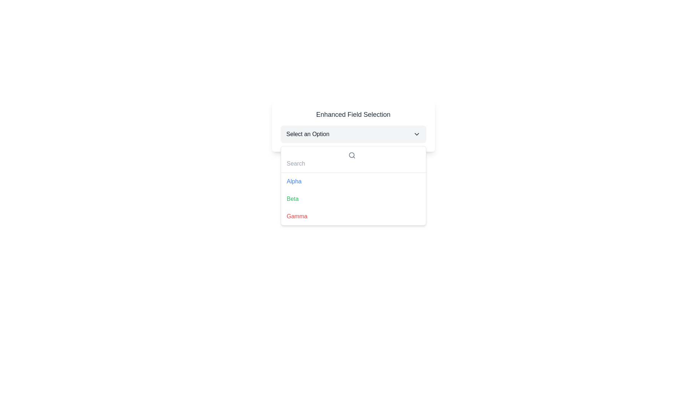 The height and width of the screenshot is (393, 699). I want to click on the text label displaying 'Gamma' in red font, which is the third item in a vertical list, so click(297, 216).